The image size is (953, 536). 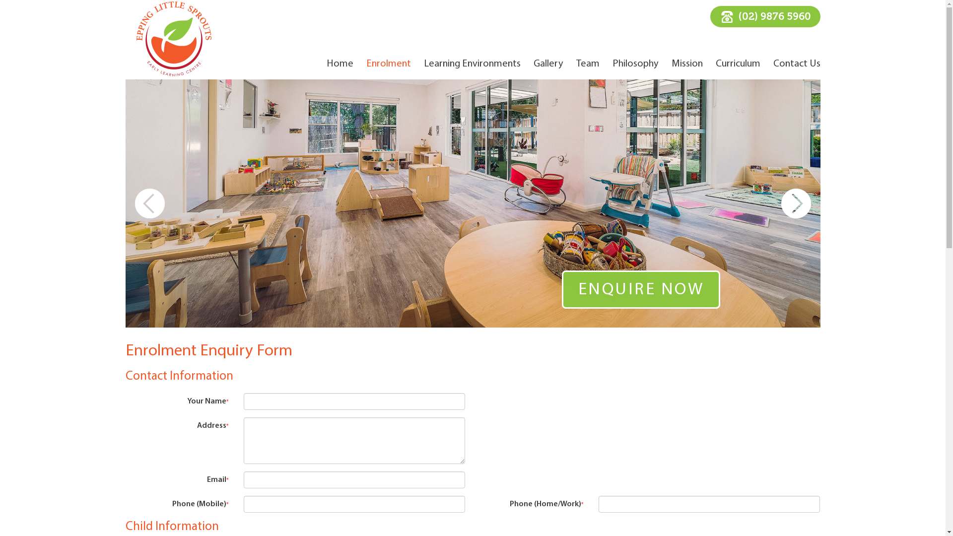 What do you see at coordinates (686, 64) in the screenshot?
I see `'Mission'` at bounding box center [686, 64].